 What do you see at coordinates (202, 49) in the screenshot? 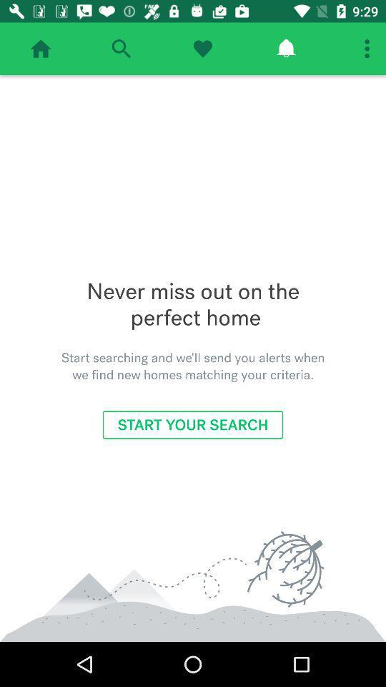
I see `to favorites` at bounding box center [202, 49].